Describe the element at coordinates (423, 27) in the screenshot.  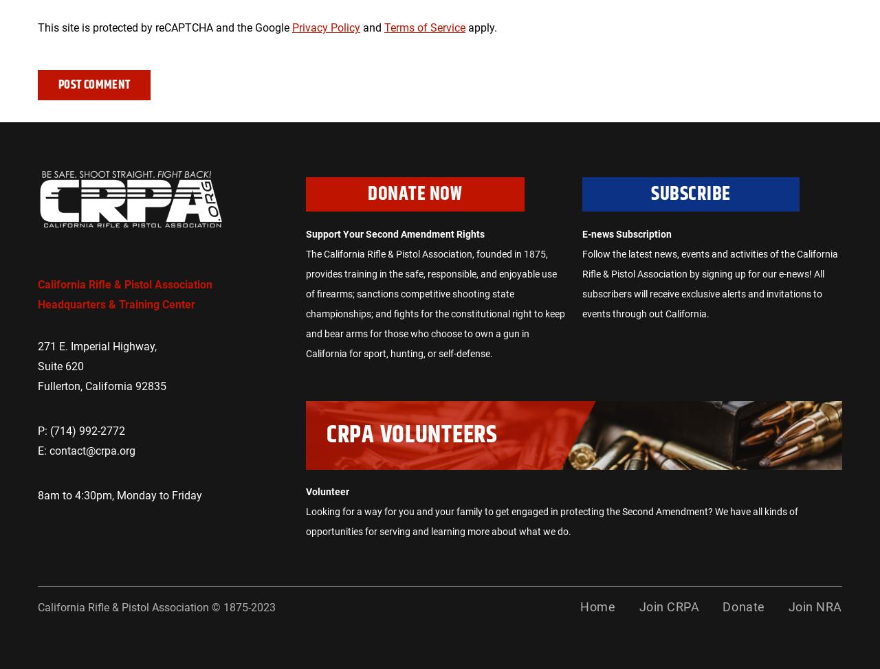
I see `'Terms of Service'` at that location.